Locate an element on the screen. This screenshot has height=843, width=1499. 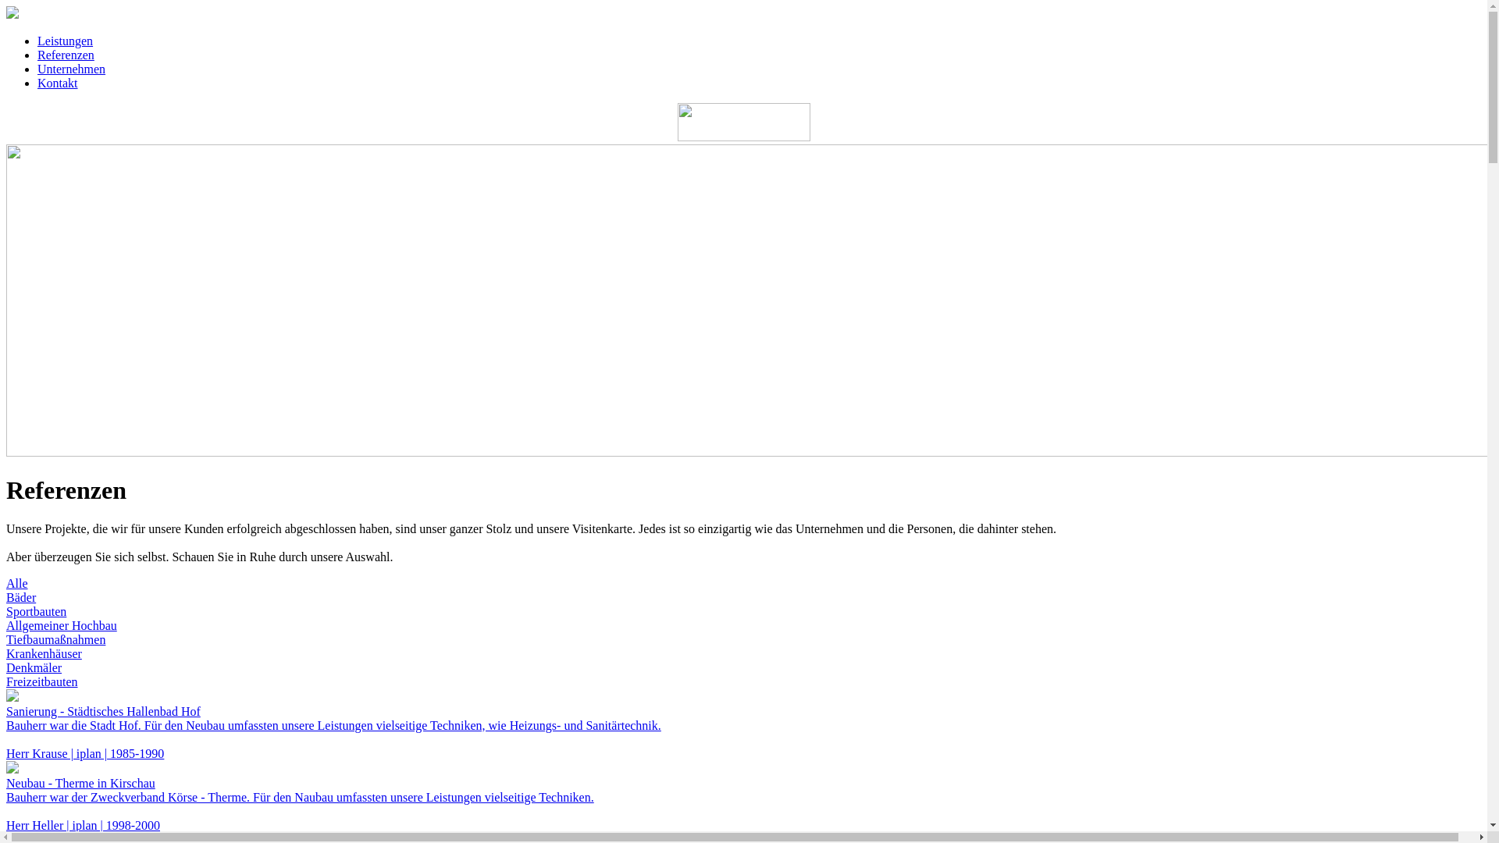
'Allgemeiner Hochbau' is located at coordinates (61, 624).